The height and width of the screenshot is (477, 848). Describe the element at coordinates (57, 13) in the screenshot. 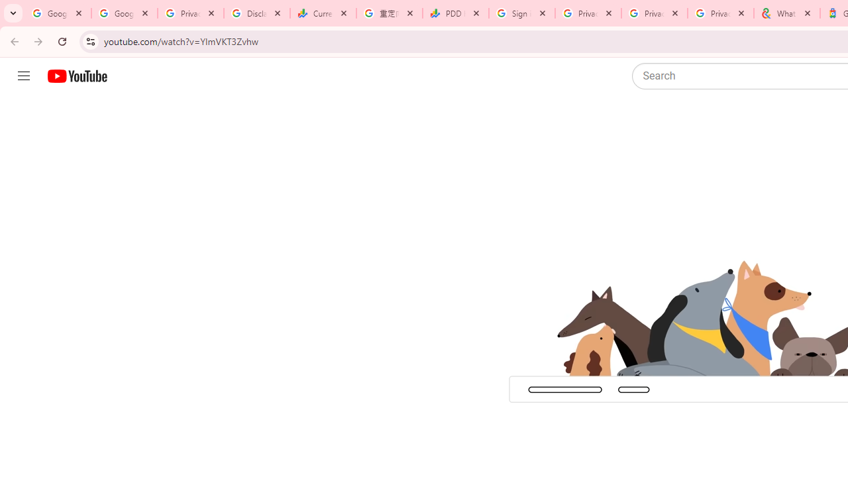

I see `'Google Workspace Admin Community'` at that location.